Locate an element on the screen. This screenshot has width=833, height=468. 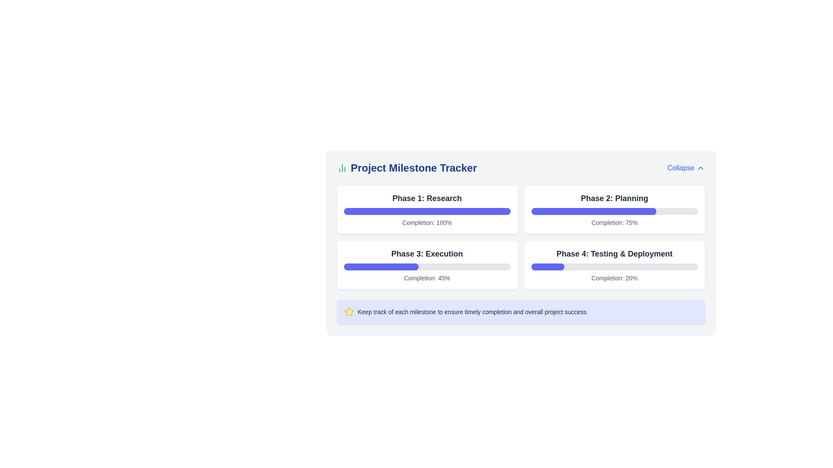
the completion status visually represented by the filled portion of the progress indicator for 'Phase 3: Execution' is located at coordinates (381, 266).